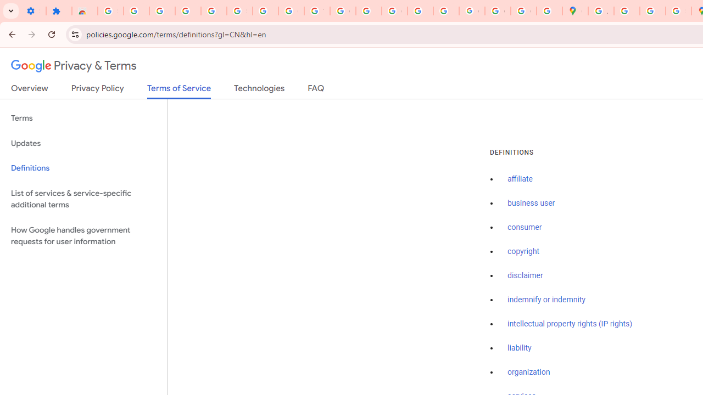 Image resolution: width=703 pixels, height=395 pixels. What do you see at coordinates (83, 235) in the screenshot?
I see `'How Google handles government requests for user information'` at bounding box center [83, 235].